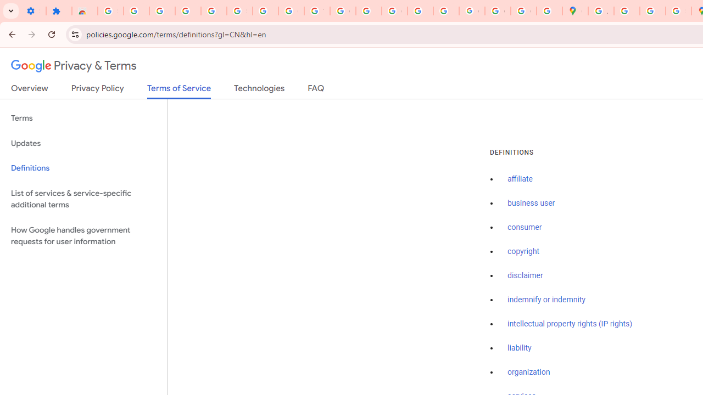 Image resolution: width=703 pixels, height=395 pixels. What do you see at coordinates (83, 235) in the screenshot?
I see `'How Google handles government requests for user information'` at bounding box center [83, 235].